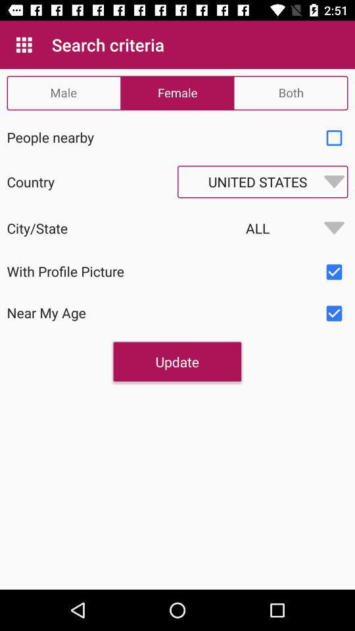 The image size is (355, 631). What do you see at coordinates (334, 138) in the screenshot?
I see `find people nearby` at bounding box center [334, 138].